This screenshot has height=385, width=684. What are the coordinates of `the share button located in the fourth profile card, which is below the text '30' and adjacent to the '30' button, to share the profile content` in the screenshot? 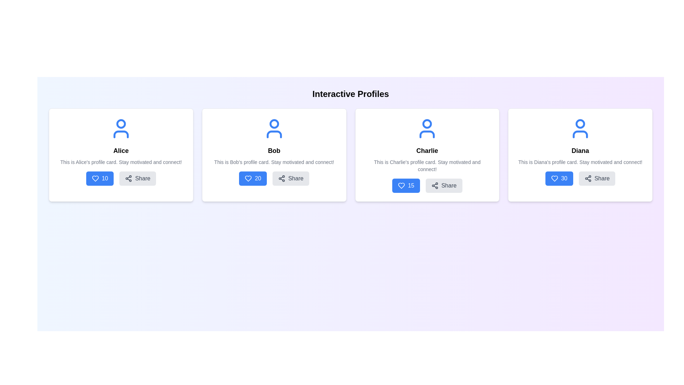 It's located at (597, 178).